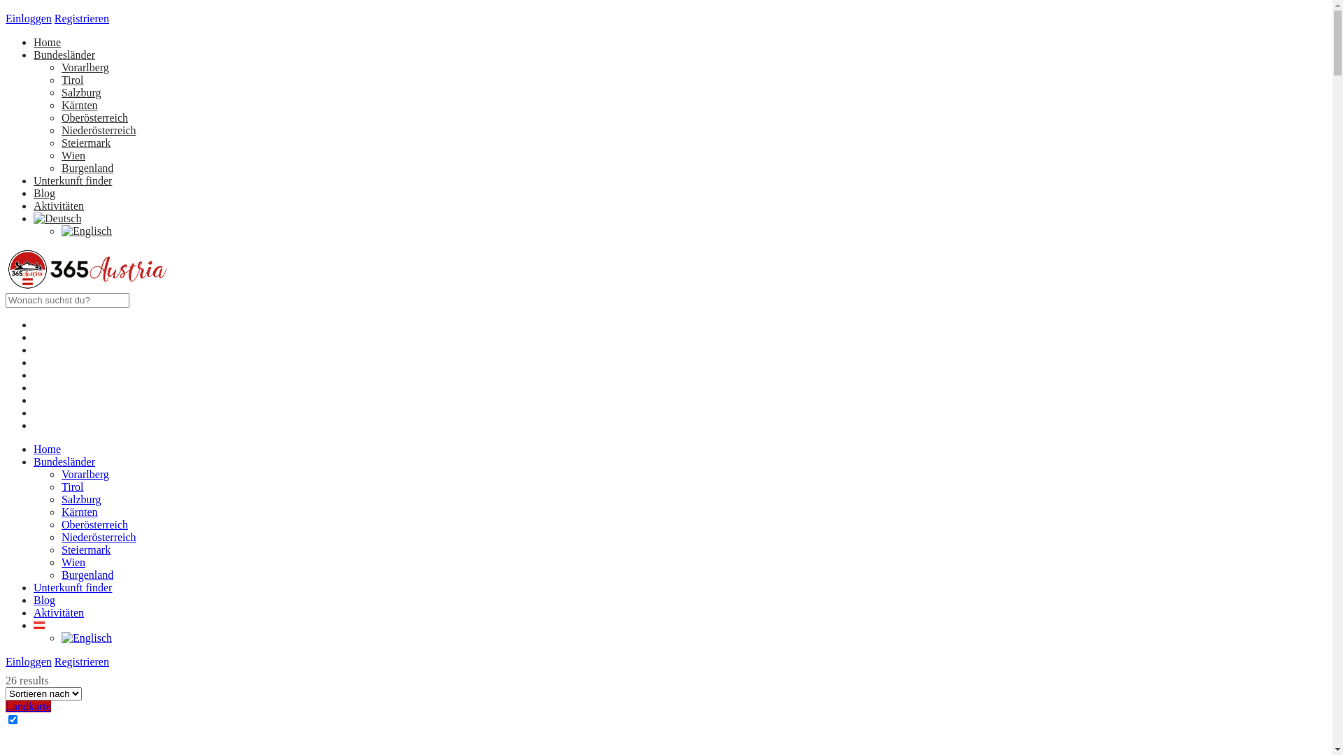  What do you see at coordinates (86, 167) in the screenshot?
I see `'Burgenland'` at bounding box center [86, 167].